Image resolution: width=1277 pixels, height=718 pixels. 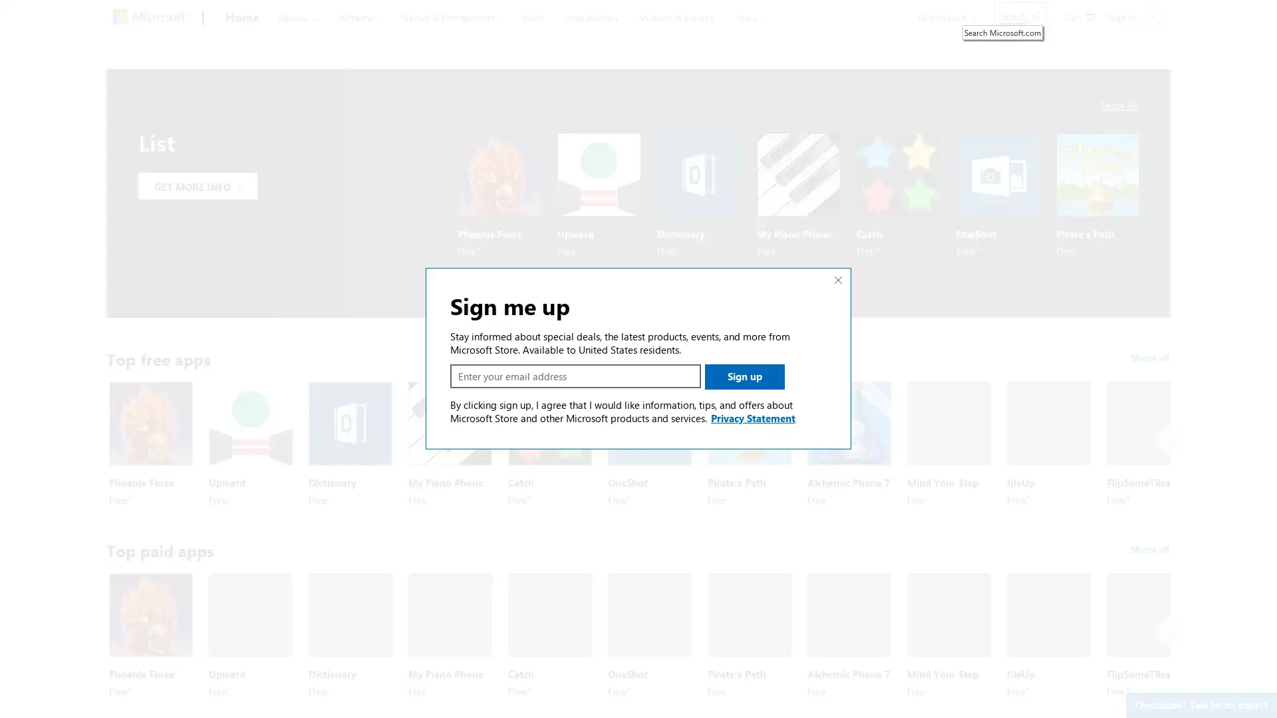 I want to click on Devices, so click(x=297, y=17).